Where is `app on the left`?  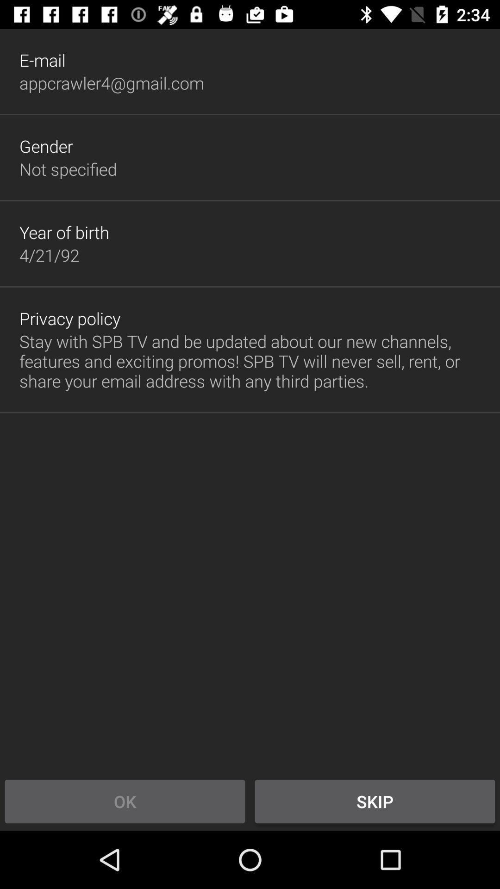
app on the left is located at coordinates (69, 318).